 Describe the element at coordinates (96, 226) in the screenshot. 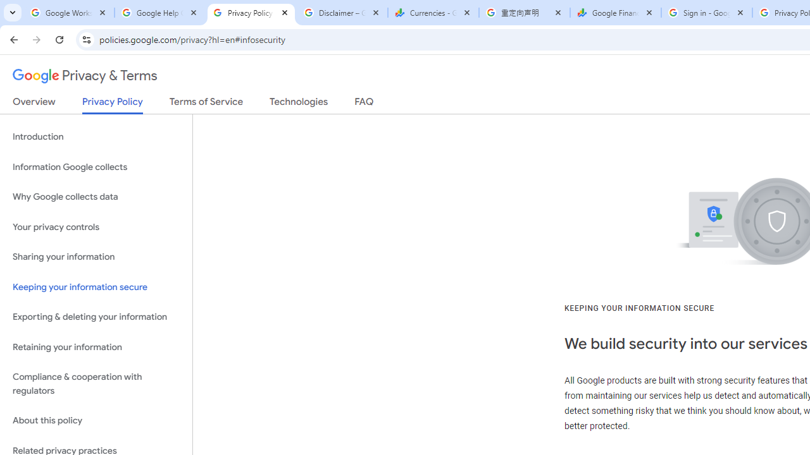

I see `'Your privacy controls'` at that location.